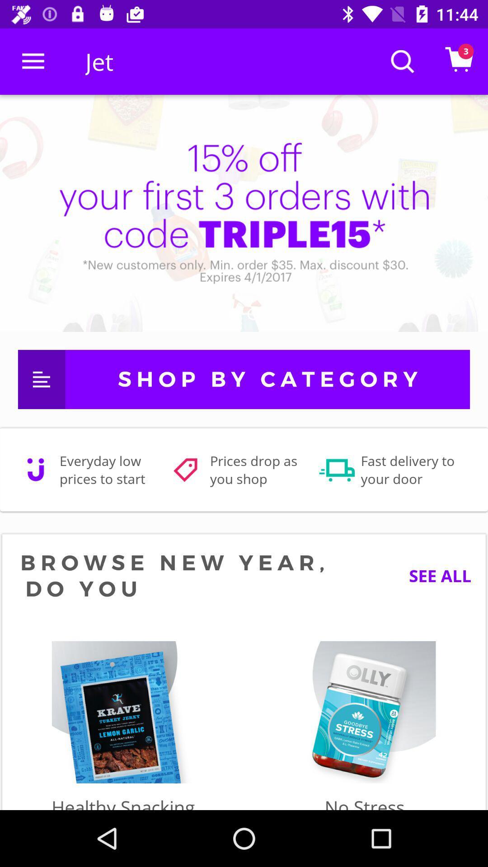 Image resolution: width=488 pixels, height=867 pixels. I want to click on the see all icon, so click(433, 575).